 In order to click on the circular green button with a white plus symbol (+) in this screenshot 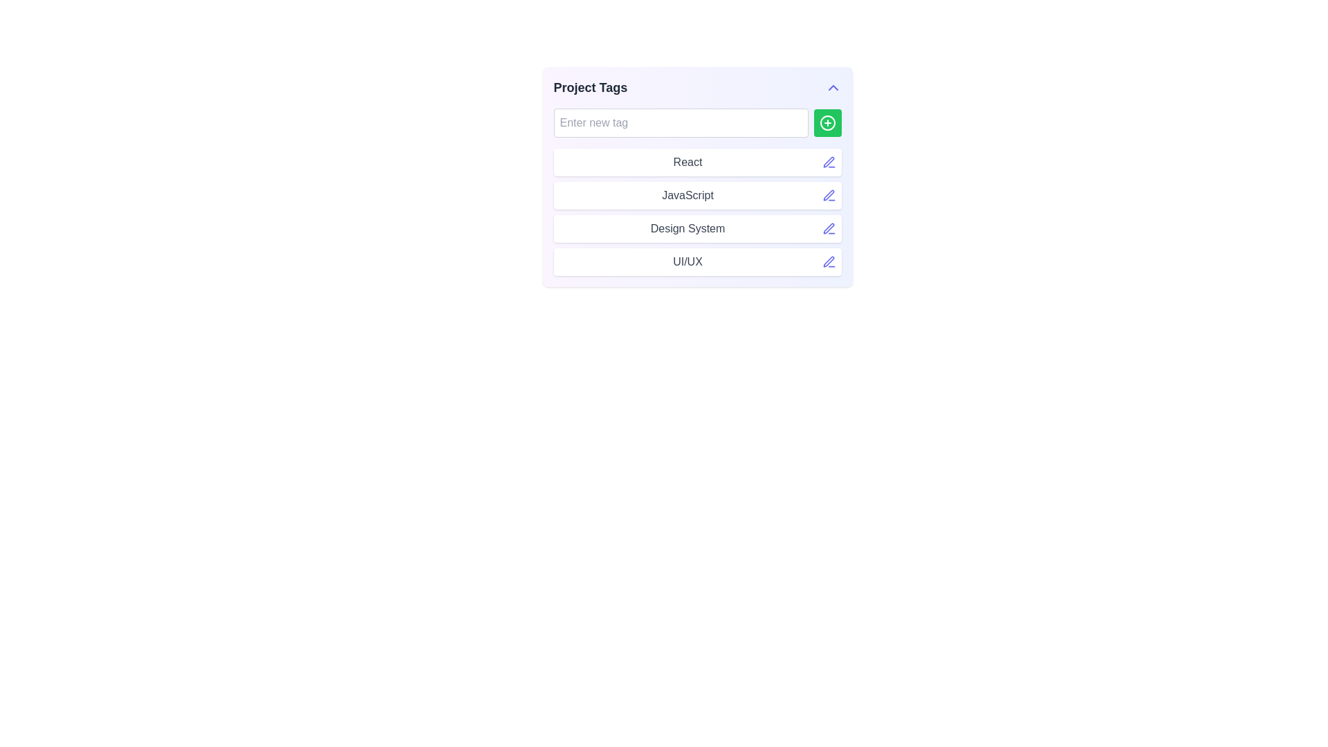, I will do `click(827, 122)`.